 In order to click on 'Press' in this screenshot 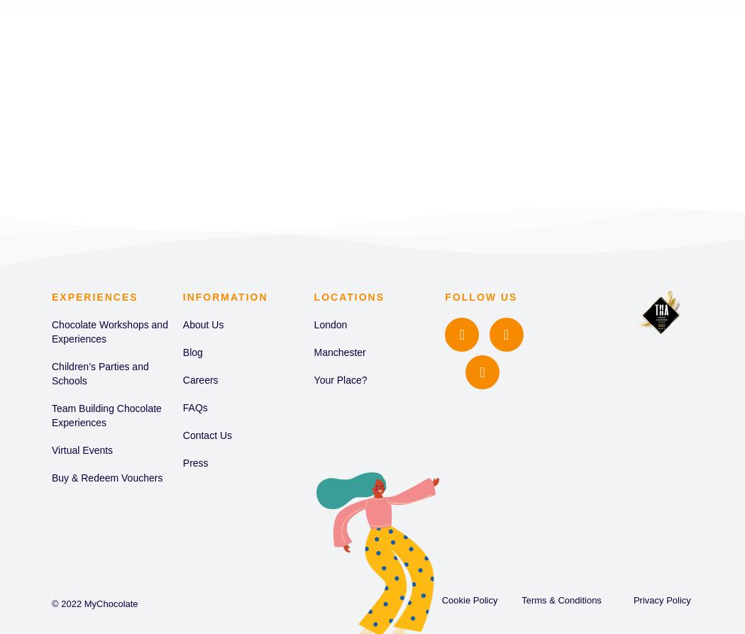, I will do `click(194, 462)`.